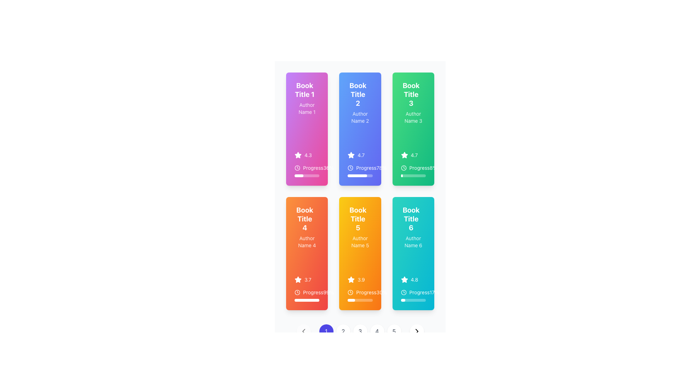 The width and height of the screenshot is (679, 382). Describe the element at coordinates (413, 129) in the screenshot. I see `the third card in the first row of the grid layout containing book information` at that location.